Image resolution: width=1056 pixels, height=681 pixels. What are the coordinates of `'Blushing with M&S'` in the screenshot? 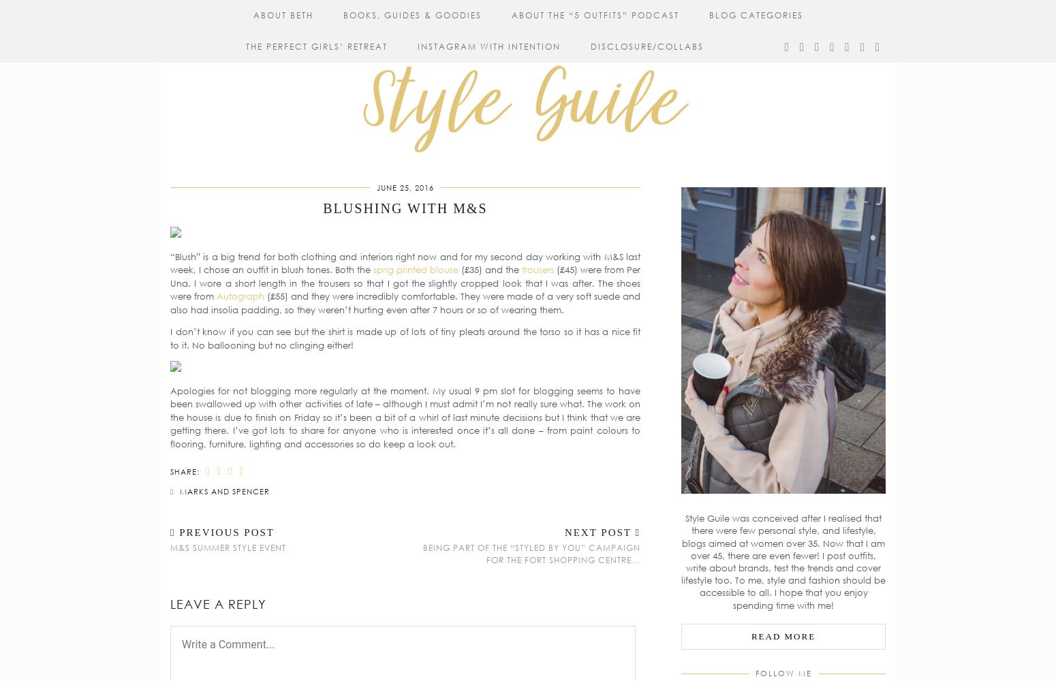 It's located at (405, 208).